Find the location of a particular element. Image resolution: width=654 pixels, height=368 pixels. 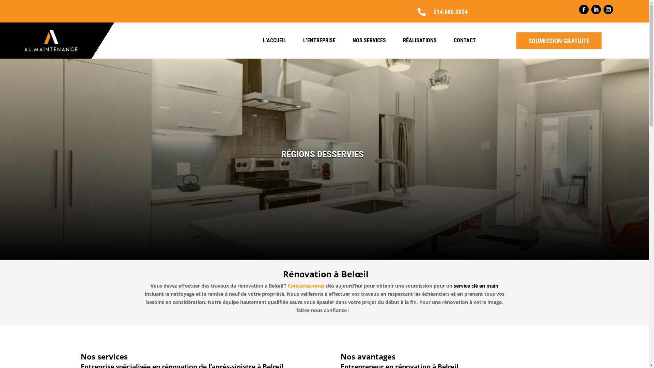

'NOS SERVICES' is located at coordinates (369, 41).